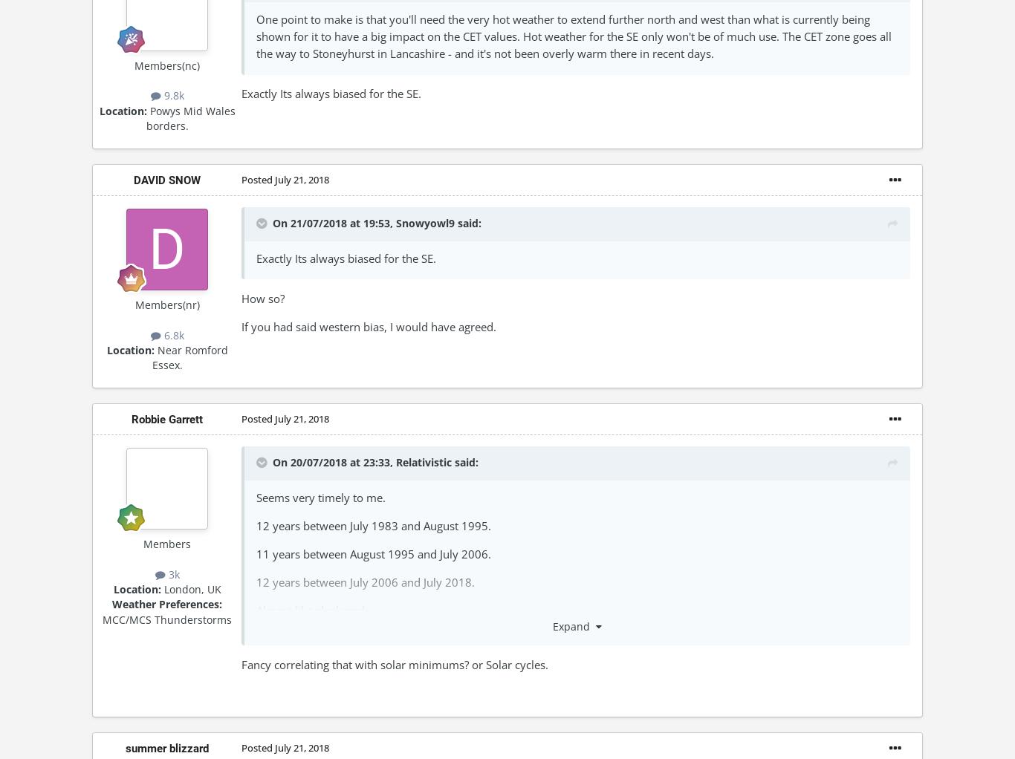 This screenshot has height=759, width=1015. I want to click on '12 years between July 1983 and August 1995.', so click(373, 525).